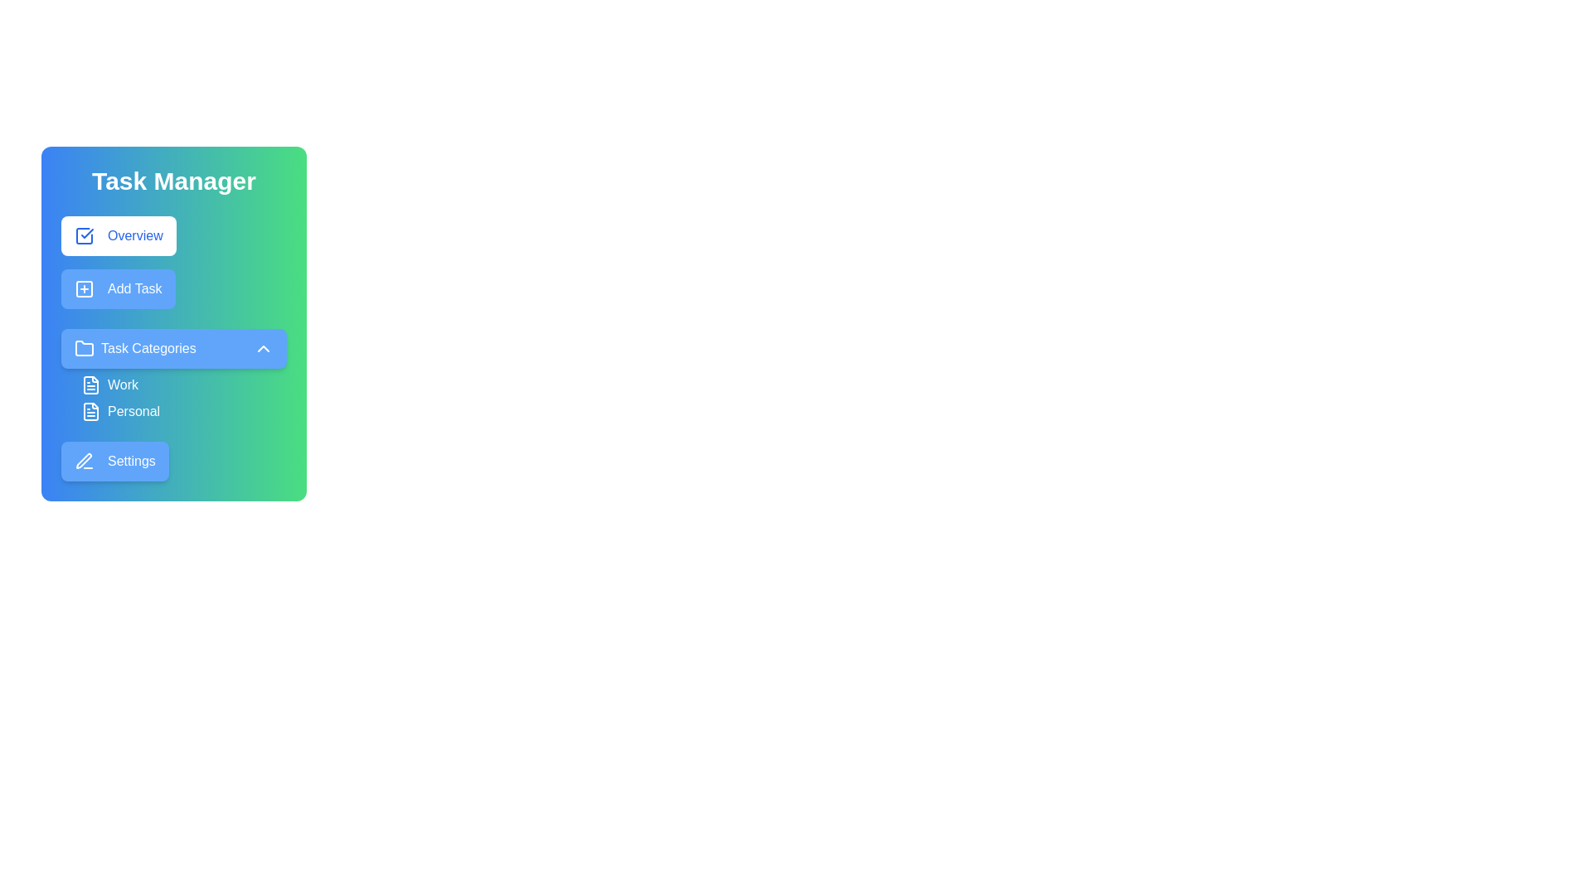  I want to click on text content of the 'Overview' label in the sidebar menu below the 'Task Manager' header, so click(135, 236).